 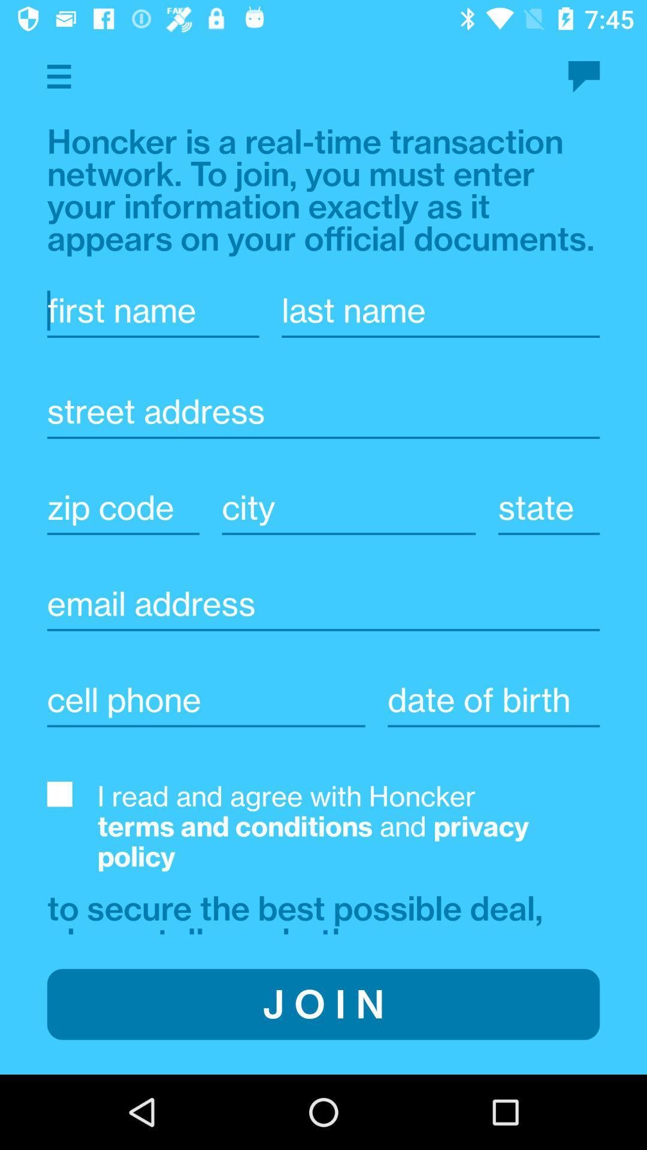 What do you see at coordinates (323, 411) in the screenshot?
I see `street address` at bounding box center [323, 411].